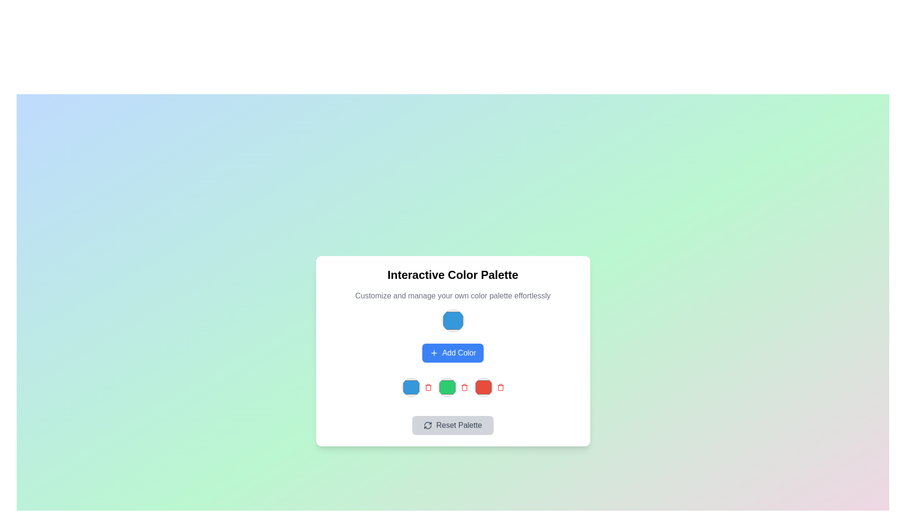 The image size is (914, 514). What do you see at coordinates (459, 353) in the screenshot?
I see `the static text inviting the user to add a new color to the palette, which is located within a blue button at the center of the interface` at bounding box center [459, 353].